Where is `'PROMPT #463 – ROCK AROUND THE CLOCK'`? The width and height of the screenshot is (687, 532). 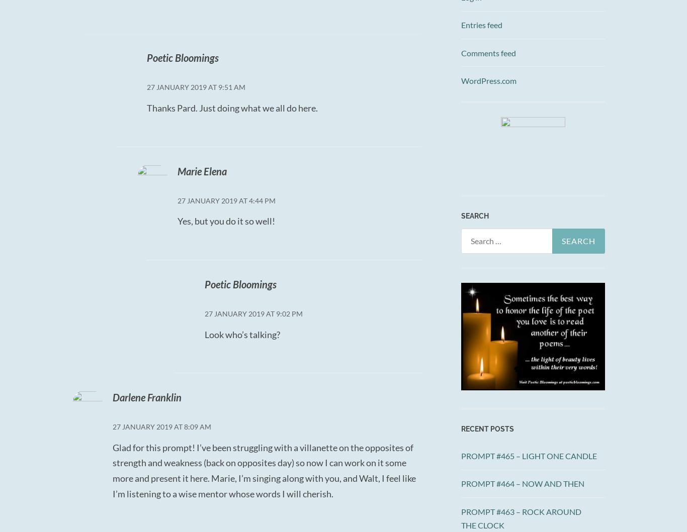
'PROMPT #463 – ROCK AROUND THE CLOCK' is located at coordinates (461, 517).